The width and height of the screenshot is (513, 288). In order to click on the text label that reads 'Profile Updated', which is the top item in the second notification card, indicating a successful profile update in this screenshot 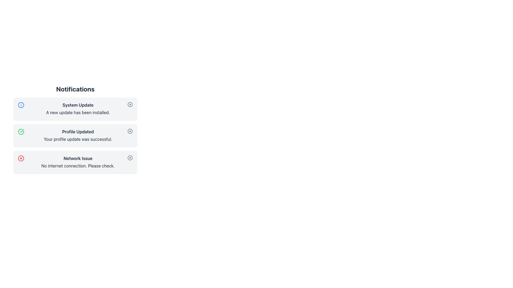, I will do `click(78, 131)`.